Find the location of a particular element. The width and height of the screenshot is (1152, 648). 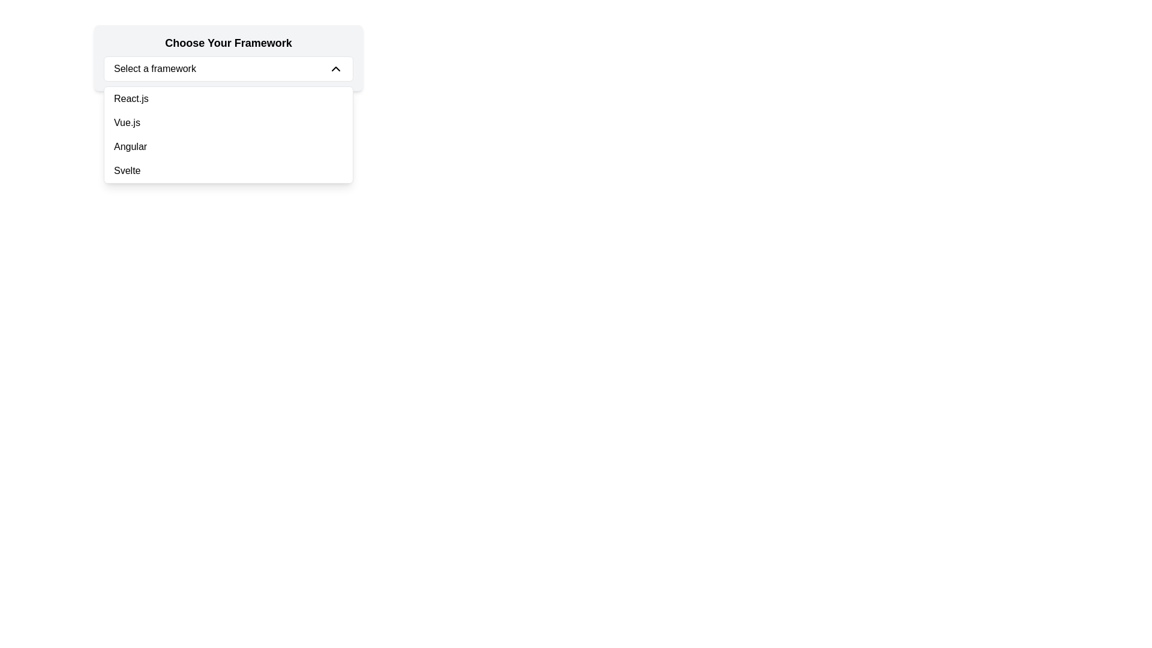

the heading text that reads 'Choose Your Framework', which is styled in bold and slightly larger font, located at the top of the section above the 'Select a framework' dropdown is located at coordinates (228, 43).